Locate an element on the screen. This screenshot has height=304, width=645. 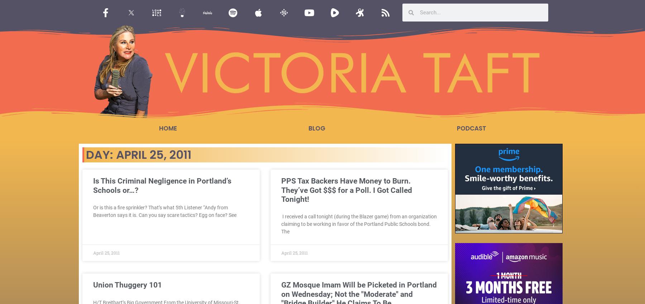
'Union Thuggery 101' is located at coordinates (128, 285).